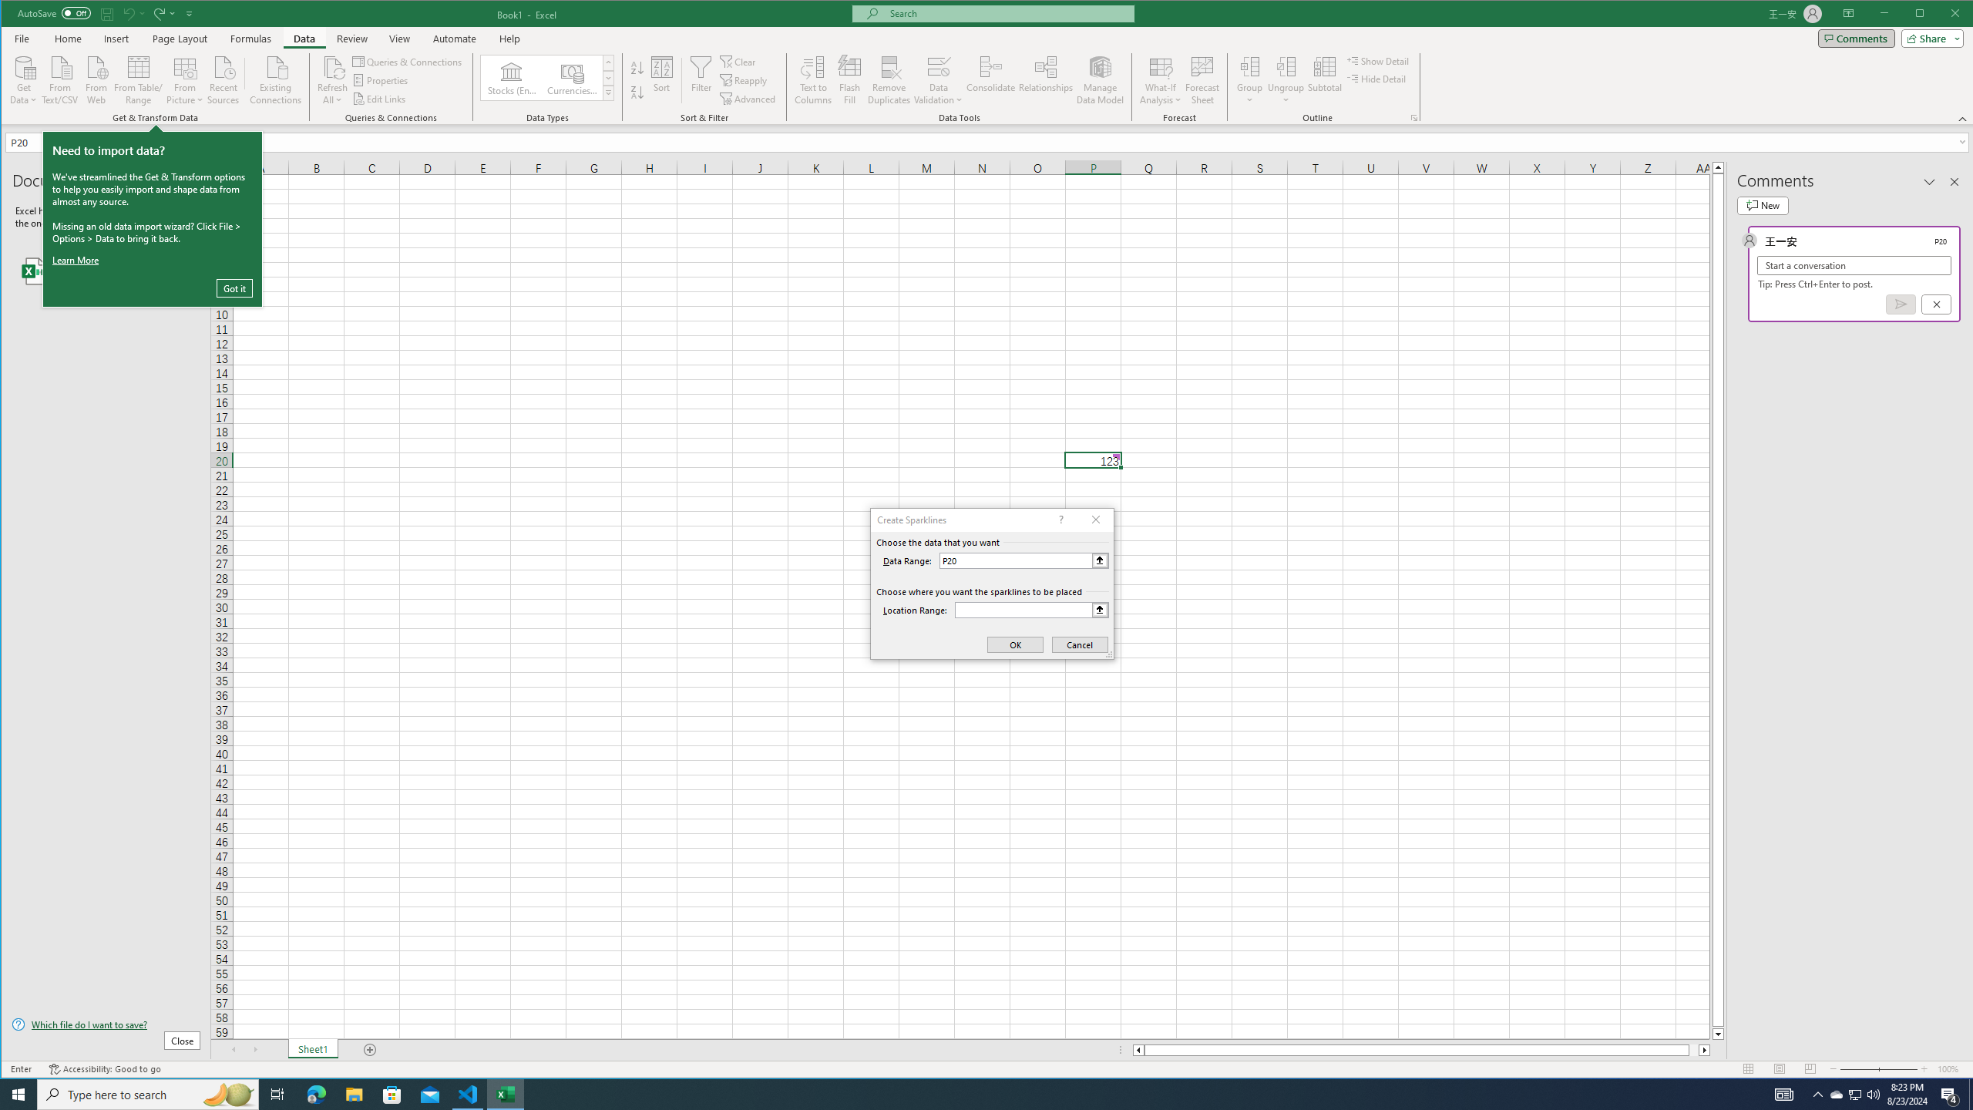  I want to click on 'Sheet1', so click(311, 1050).